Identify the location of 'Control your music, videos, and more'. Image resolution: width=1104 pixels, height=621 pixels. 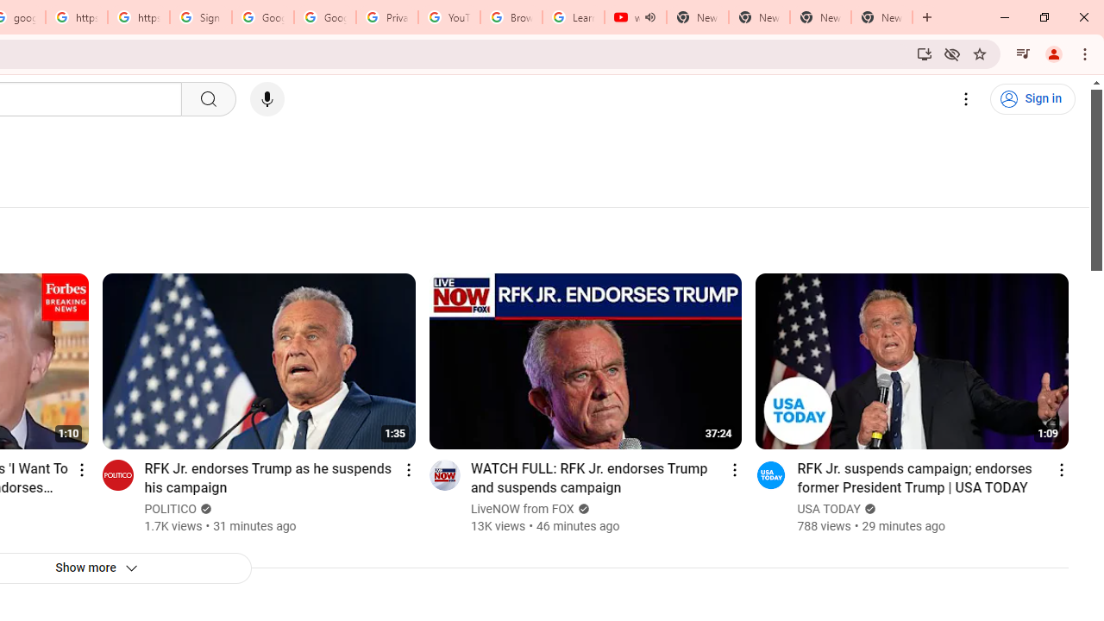
(1022, 53).